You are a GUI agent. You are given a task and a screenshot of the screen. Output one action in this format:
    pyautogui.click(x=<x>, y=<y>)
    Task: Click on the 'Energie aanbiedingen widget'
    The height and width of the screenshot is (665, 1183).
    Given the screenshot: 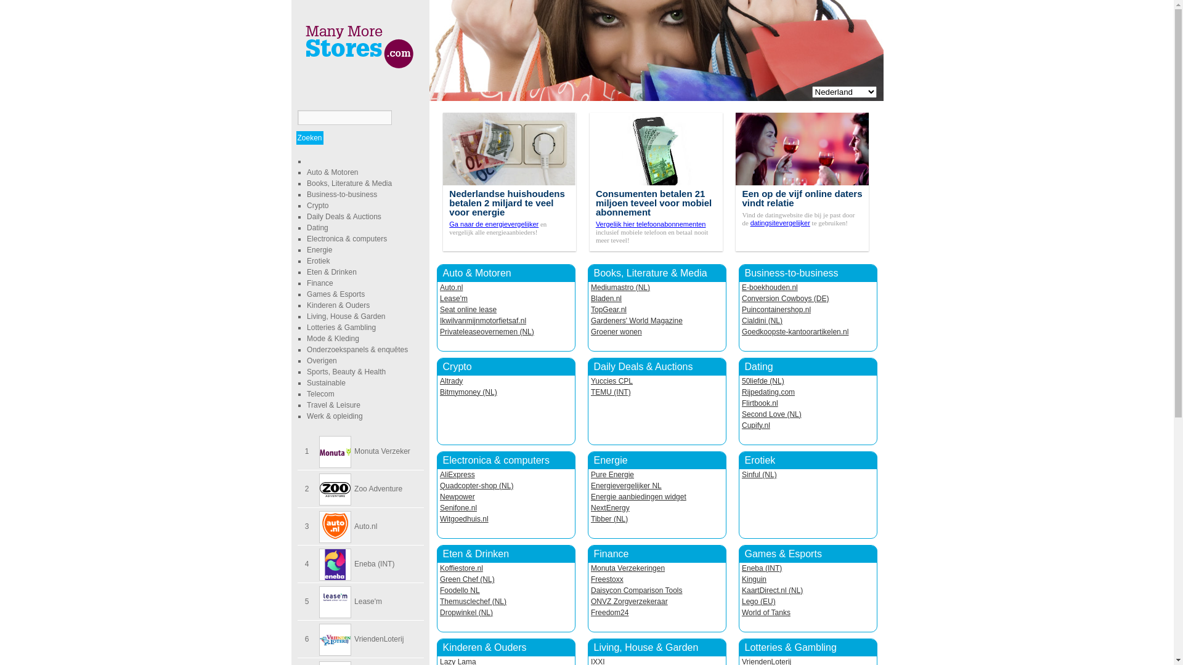 What is the action you would take?
    pyautogui.click(x=638, y=496)
    